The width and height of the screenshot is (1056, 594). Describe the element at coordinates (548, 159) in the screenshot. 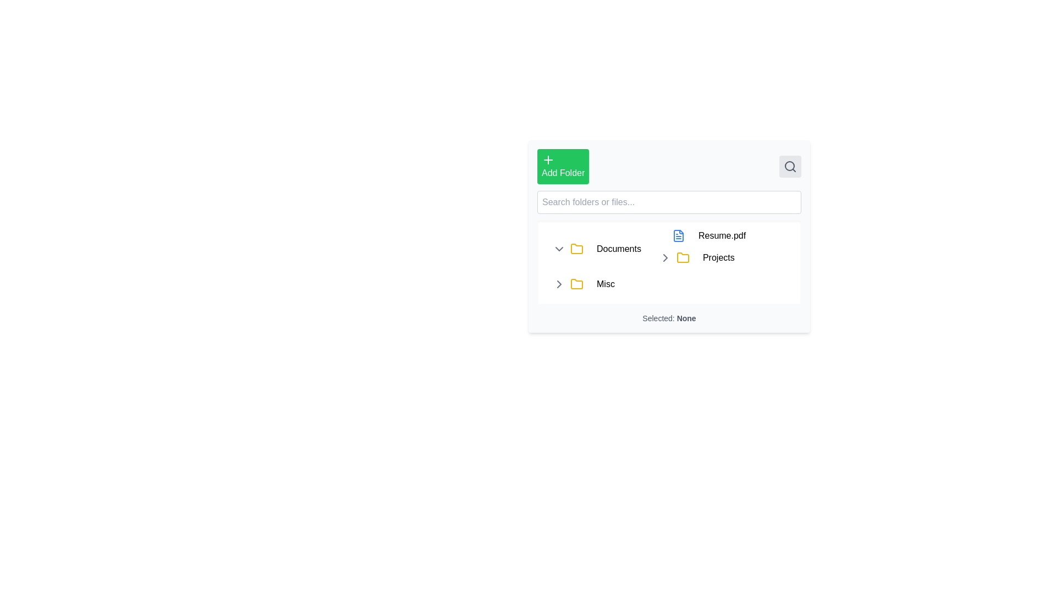

I see `the plus icon, which is centered within the green 'Add Folder' button` at that location.